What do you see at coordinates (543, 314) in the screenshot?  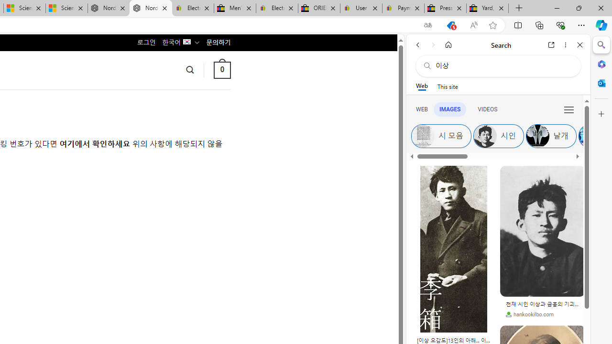 I see `'hankookilbo.com'` at bounding box center [543, 314].